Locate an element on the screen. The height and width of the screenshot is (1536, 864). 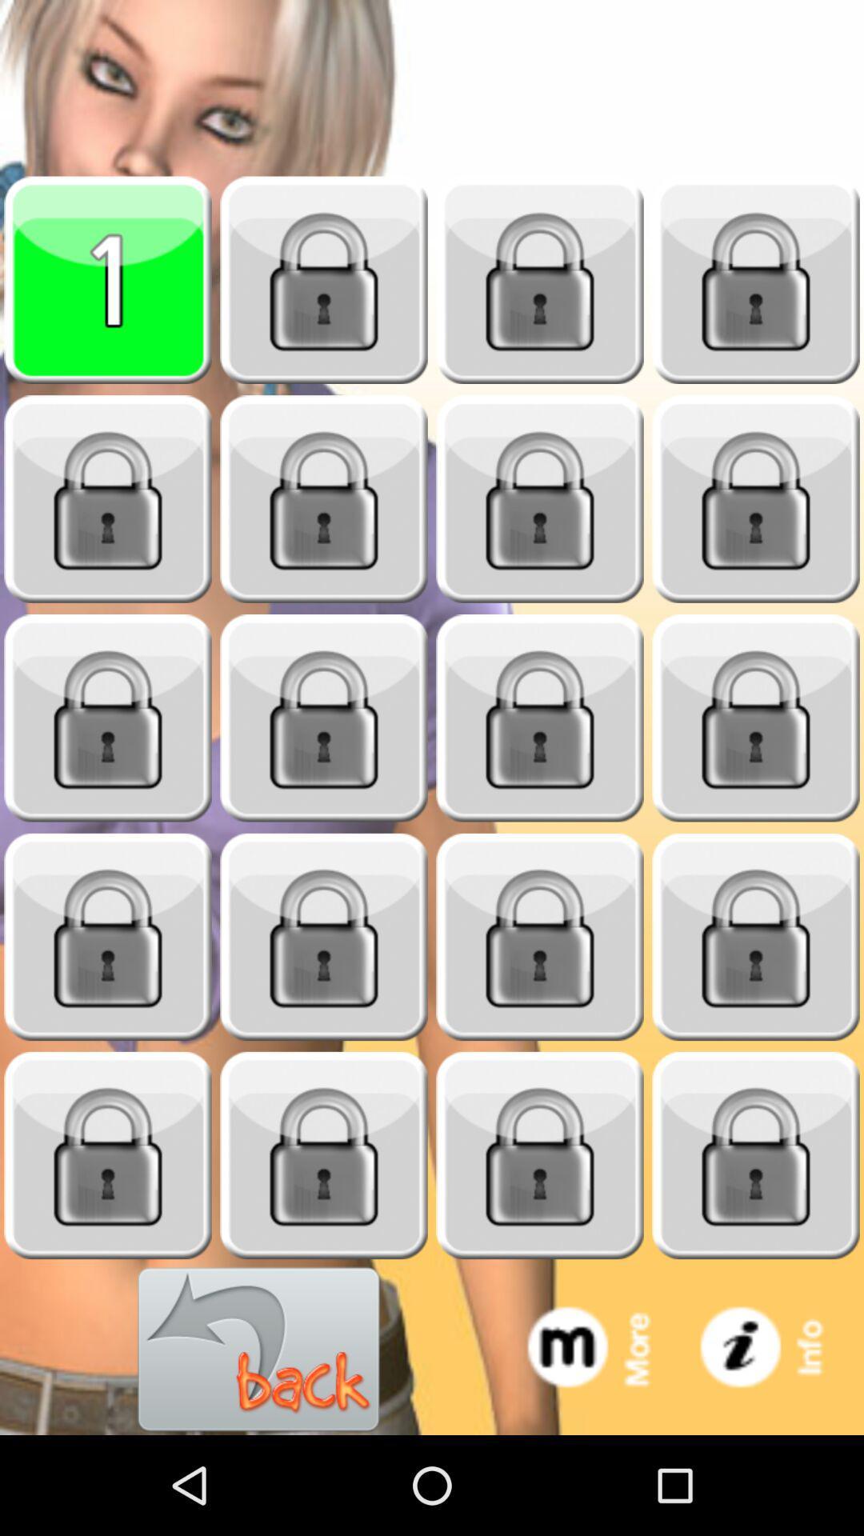
show unlock requirements is located at coordinates (540, 498).